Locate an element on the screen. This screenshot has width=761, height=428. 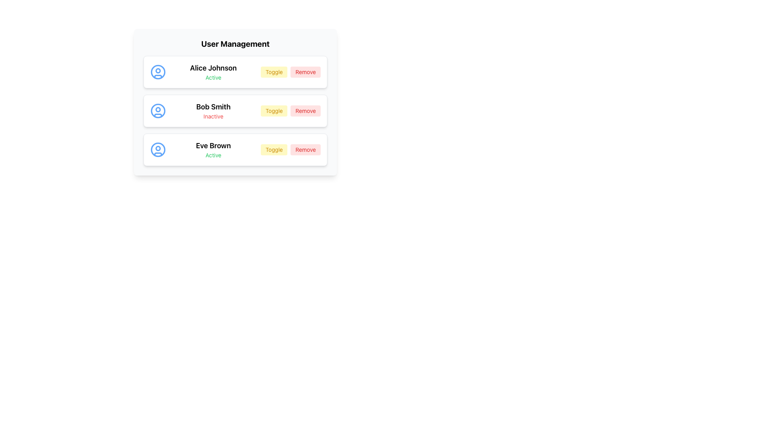
the first List Item Card representing a user profile in the user management interface for visual feedback is located at coordinates (235, 72).